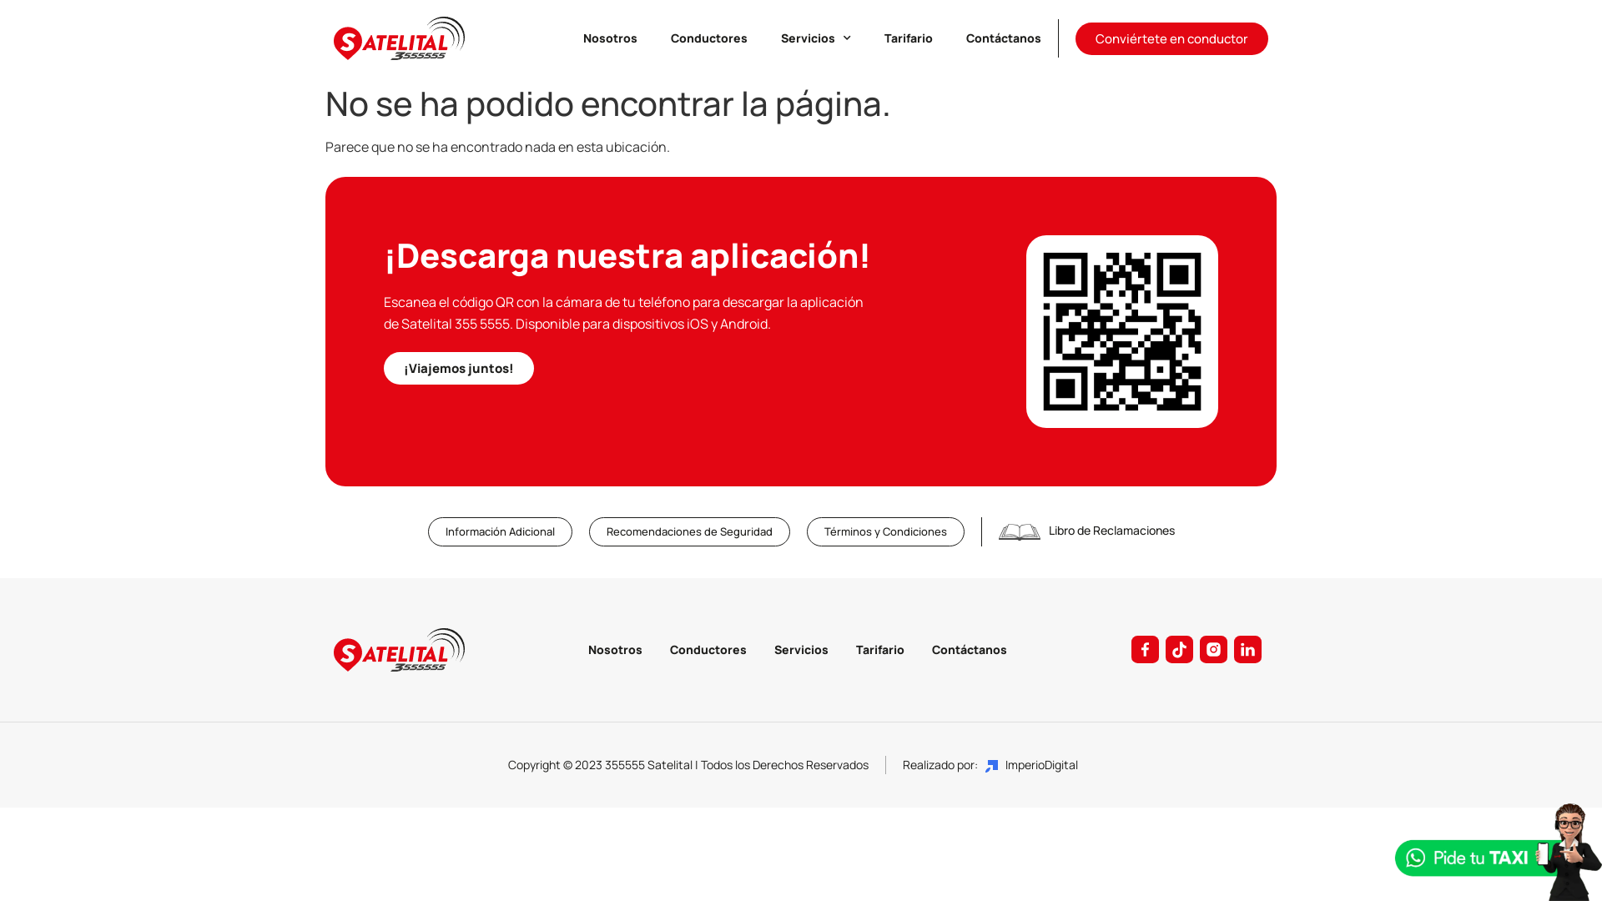 This screenshot has height=901, width=1602. Describe the element at coordinates (879, 648) in the screenshot. I see `'Tarifario'` at that location.